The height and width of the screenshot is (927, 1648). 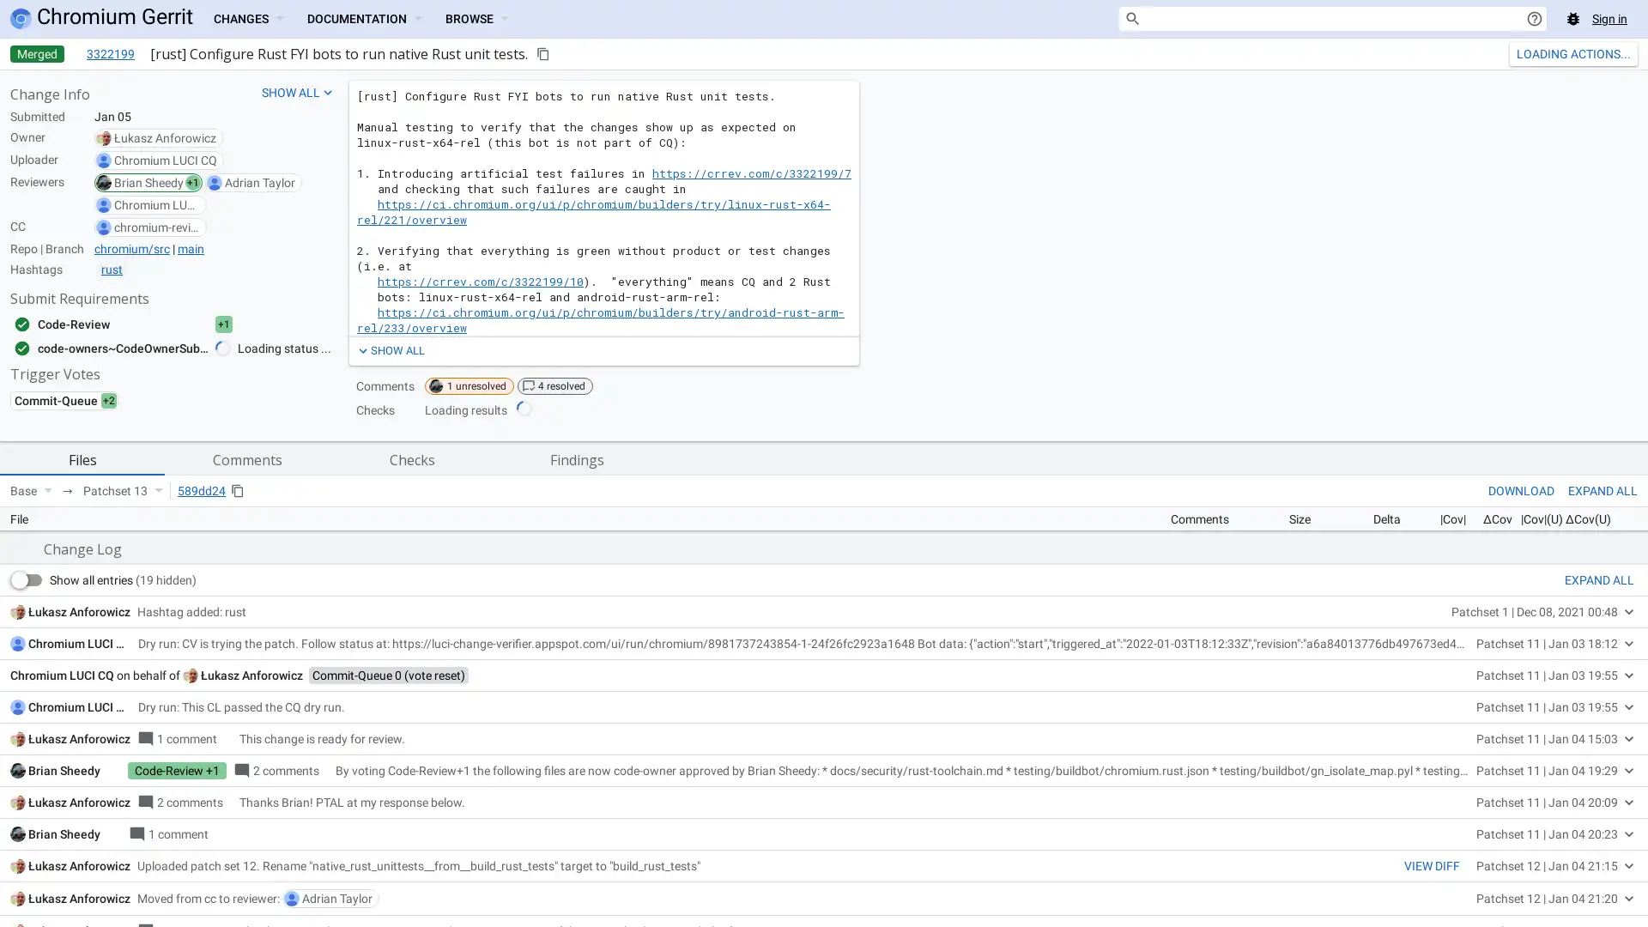 I want to click on File a bug, so click(x=1573, y=19).